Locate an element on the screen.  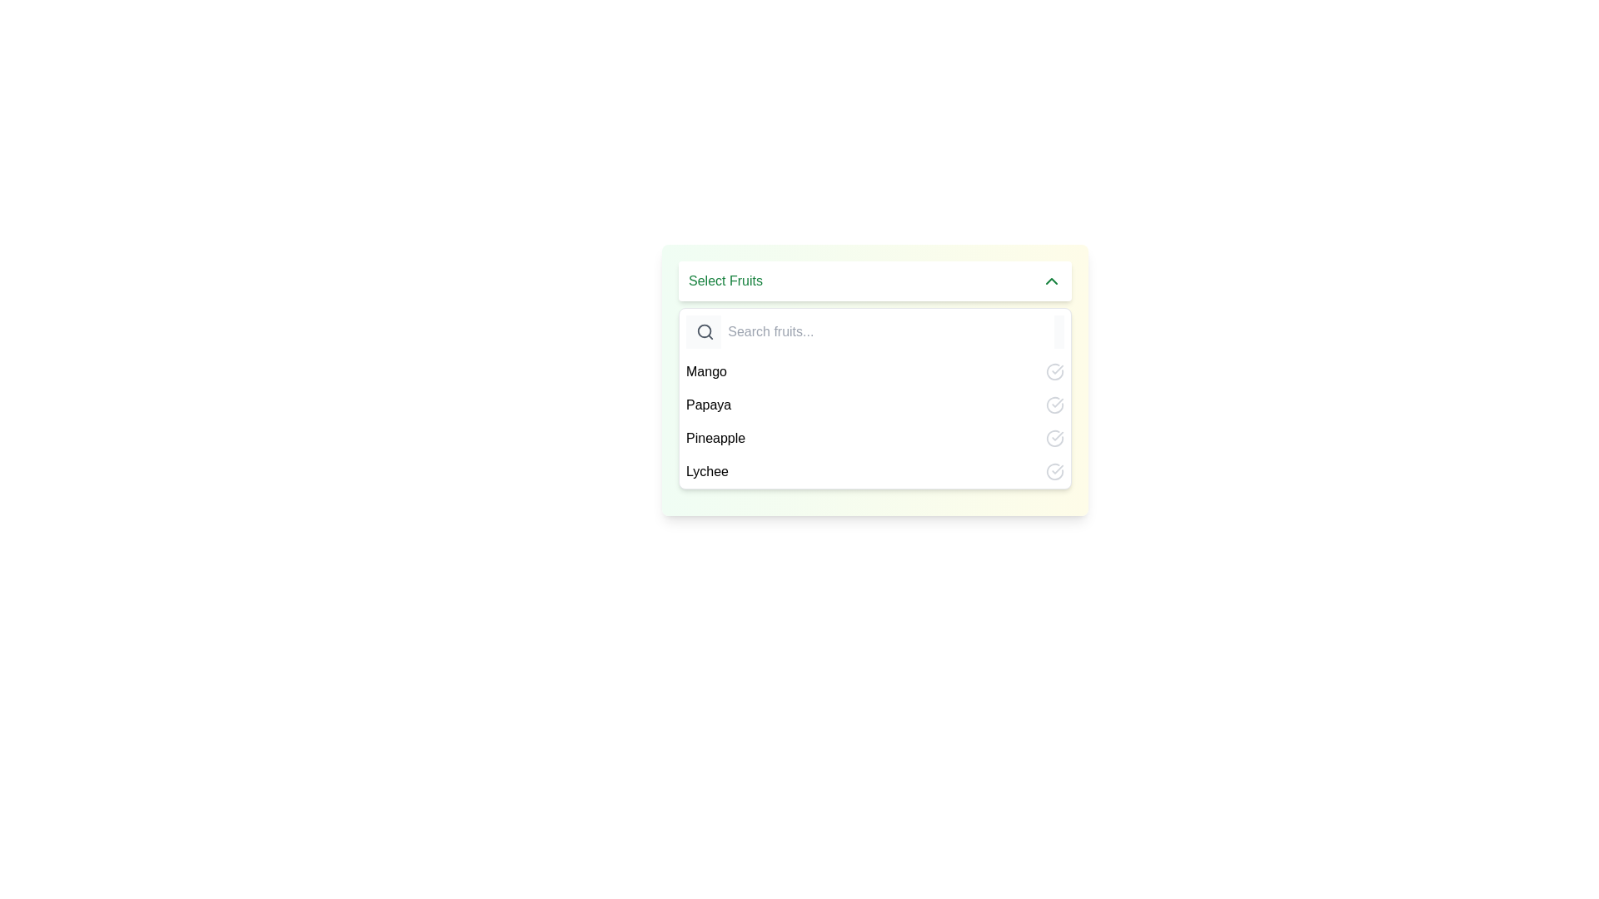
the text label displaying 'Mango' is located at coordinates (706, 371).